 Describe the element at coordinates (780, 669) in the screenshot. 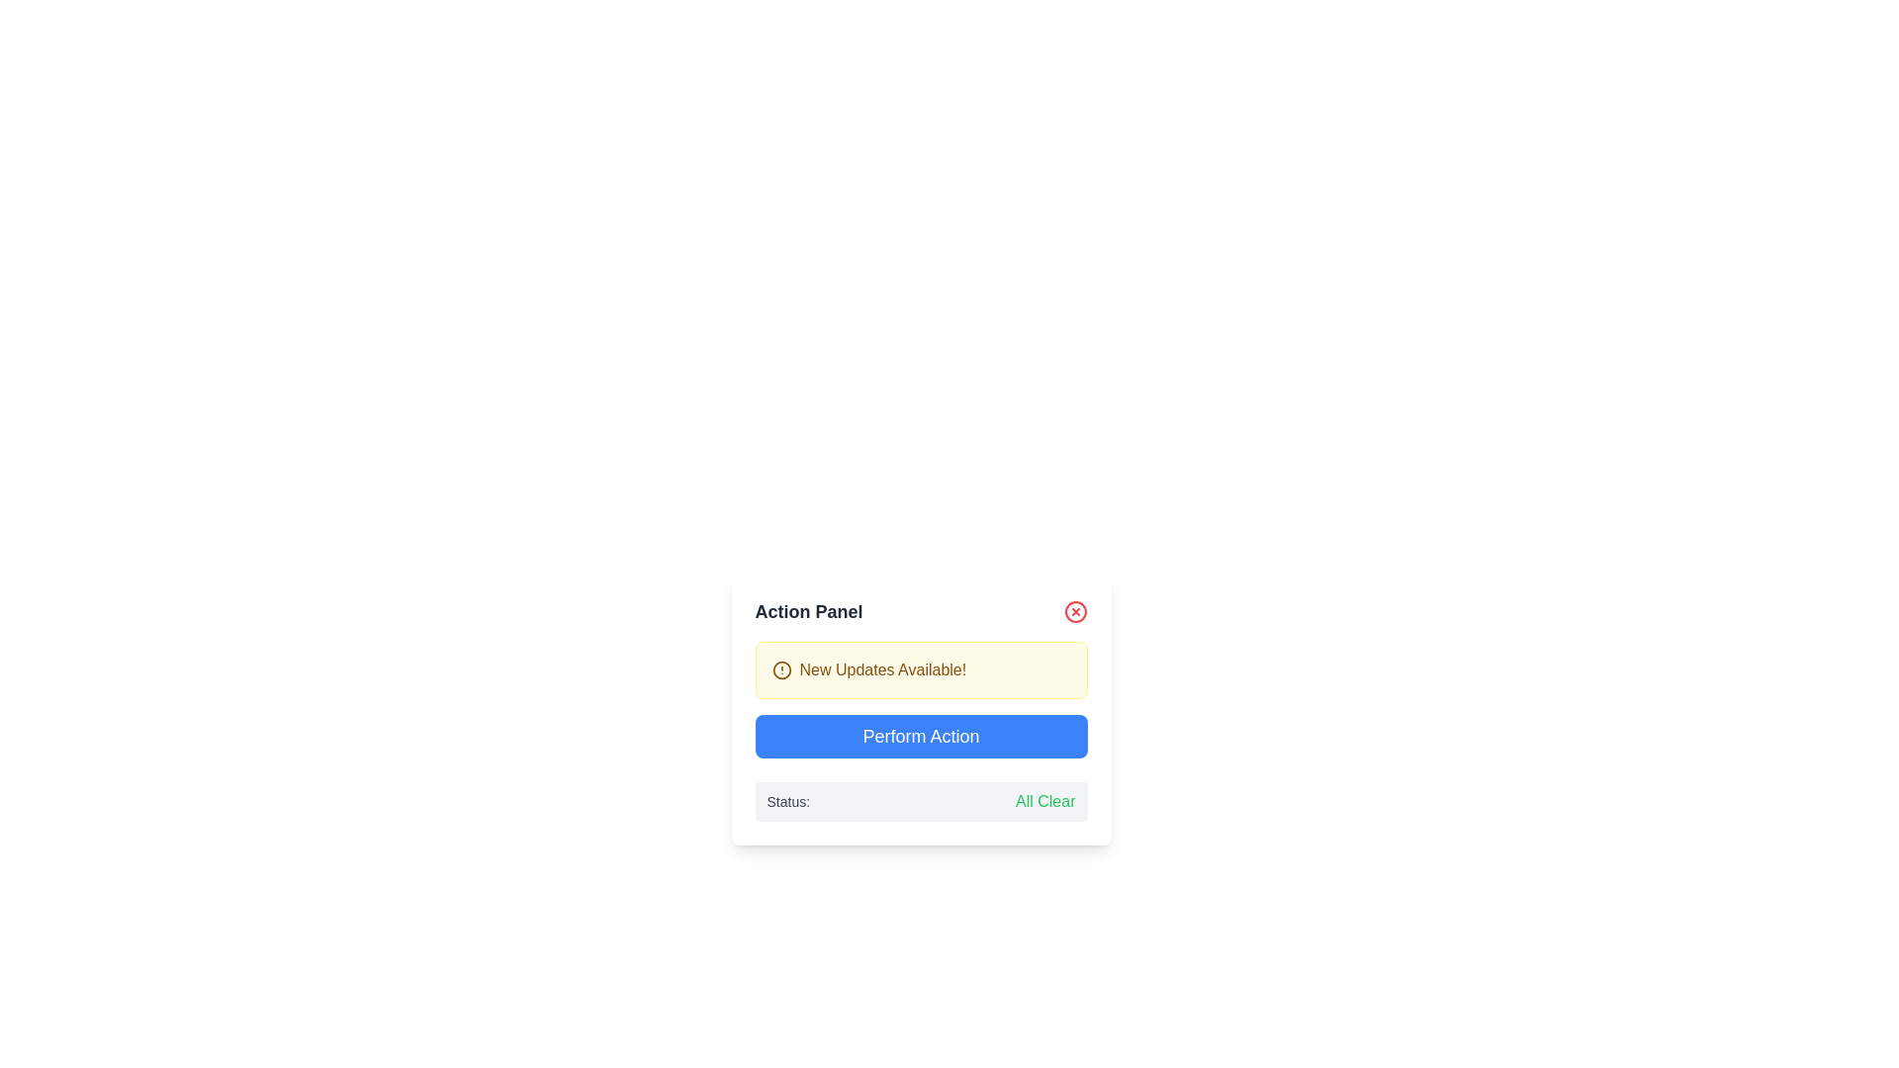

I see `the circular icon with an alert symbol inside, which is positioned to the left of the text 'New Updates Available!' in the yellow alert box` at that location.